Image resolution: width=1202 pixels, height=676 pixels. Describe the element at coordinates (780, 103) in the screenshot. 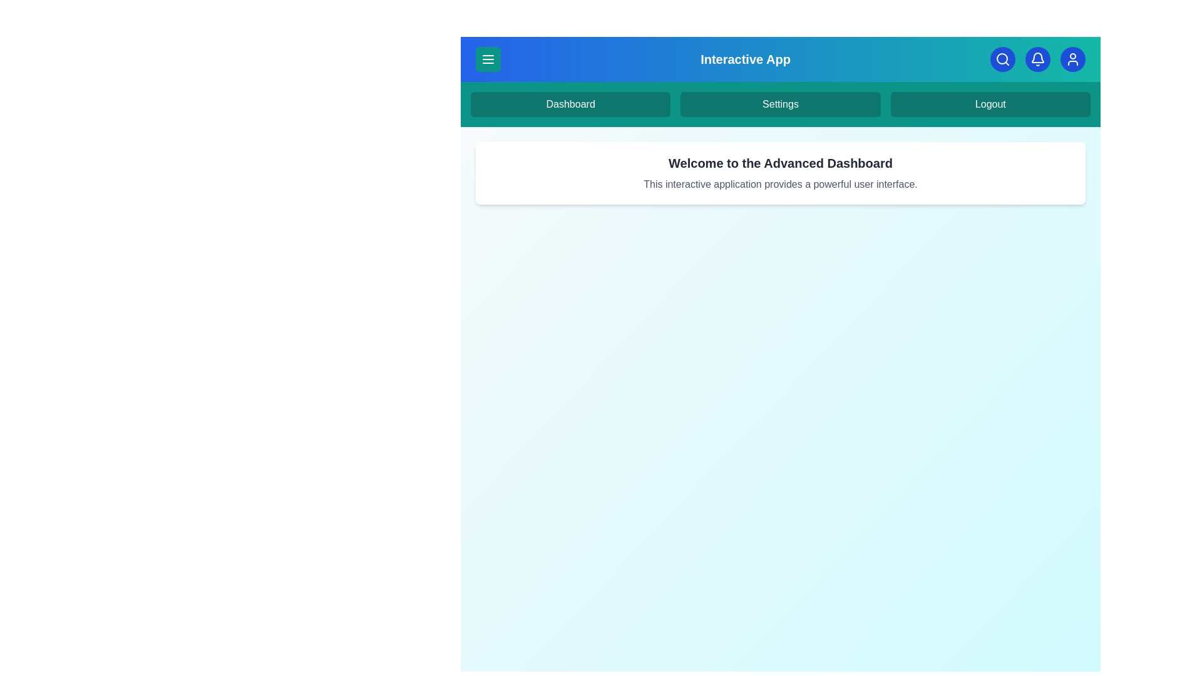

I see `the 'Settings' option in the navigation menu` at that location.